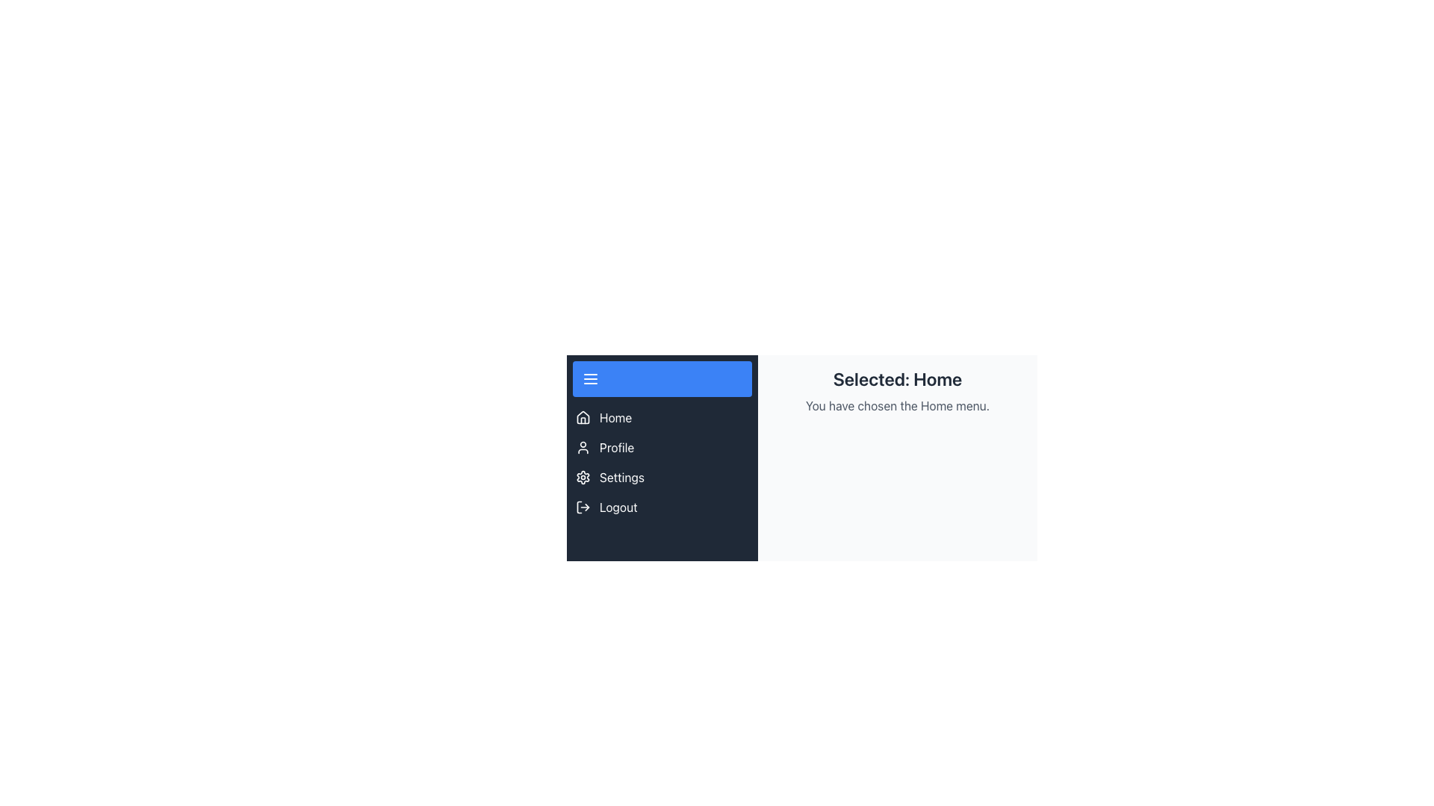 The image size is (1434, 806). Describe the element at coordinates (896, 378) in the screenshot. I see `the text label that displays 'Selected: Home', which is styled with a large, bold font for 'Selected:' and normal-weight font for 'Home', located above the phrase 'You have chosen the Home menu.'` at that location.